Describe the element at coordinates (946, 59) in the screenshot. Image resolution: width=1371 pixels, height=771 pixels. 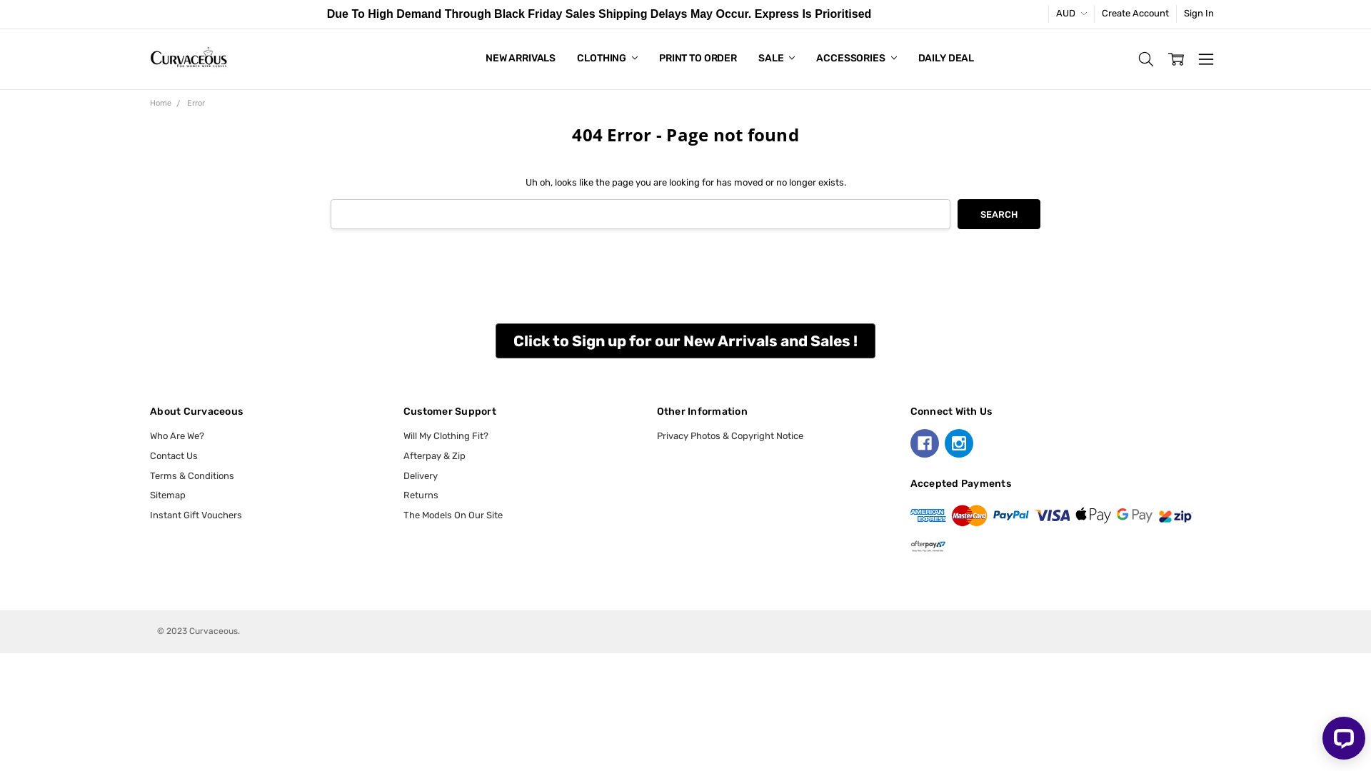
I see `'DAILY DEAL'` at that location.